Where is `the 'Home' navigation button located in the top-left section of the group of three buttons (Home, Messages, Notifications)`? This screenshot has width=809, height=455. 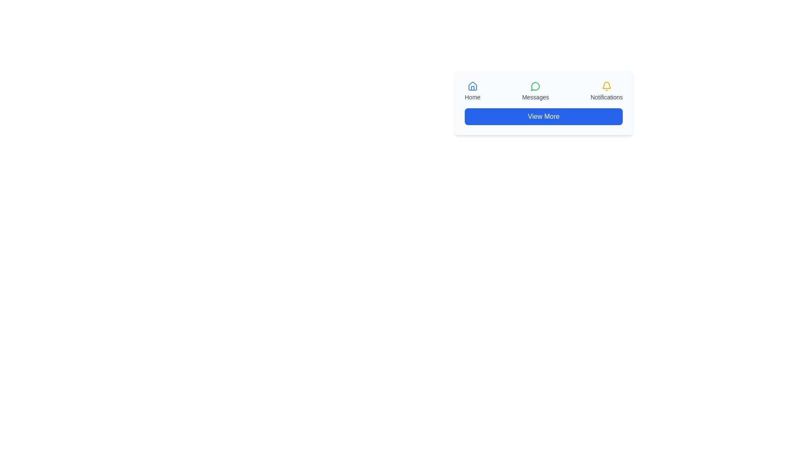
the 'Home' navigation button located in the top-left section of the group of three buttons (Home, Messages, Notifications) is located at coordinates (472, 91).